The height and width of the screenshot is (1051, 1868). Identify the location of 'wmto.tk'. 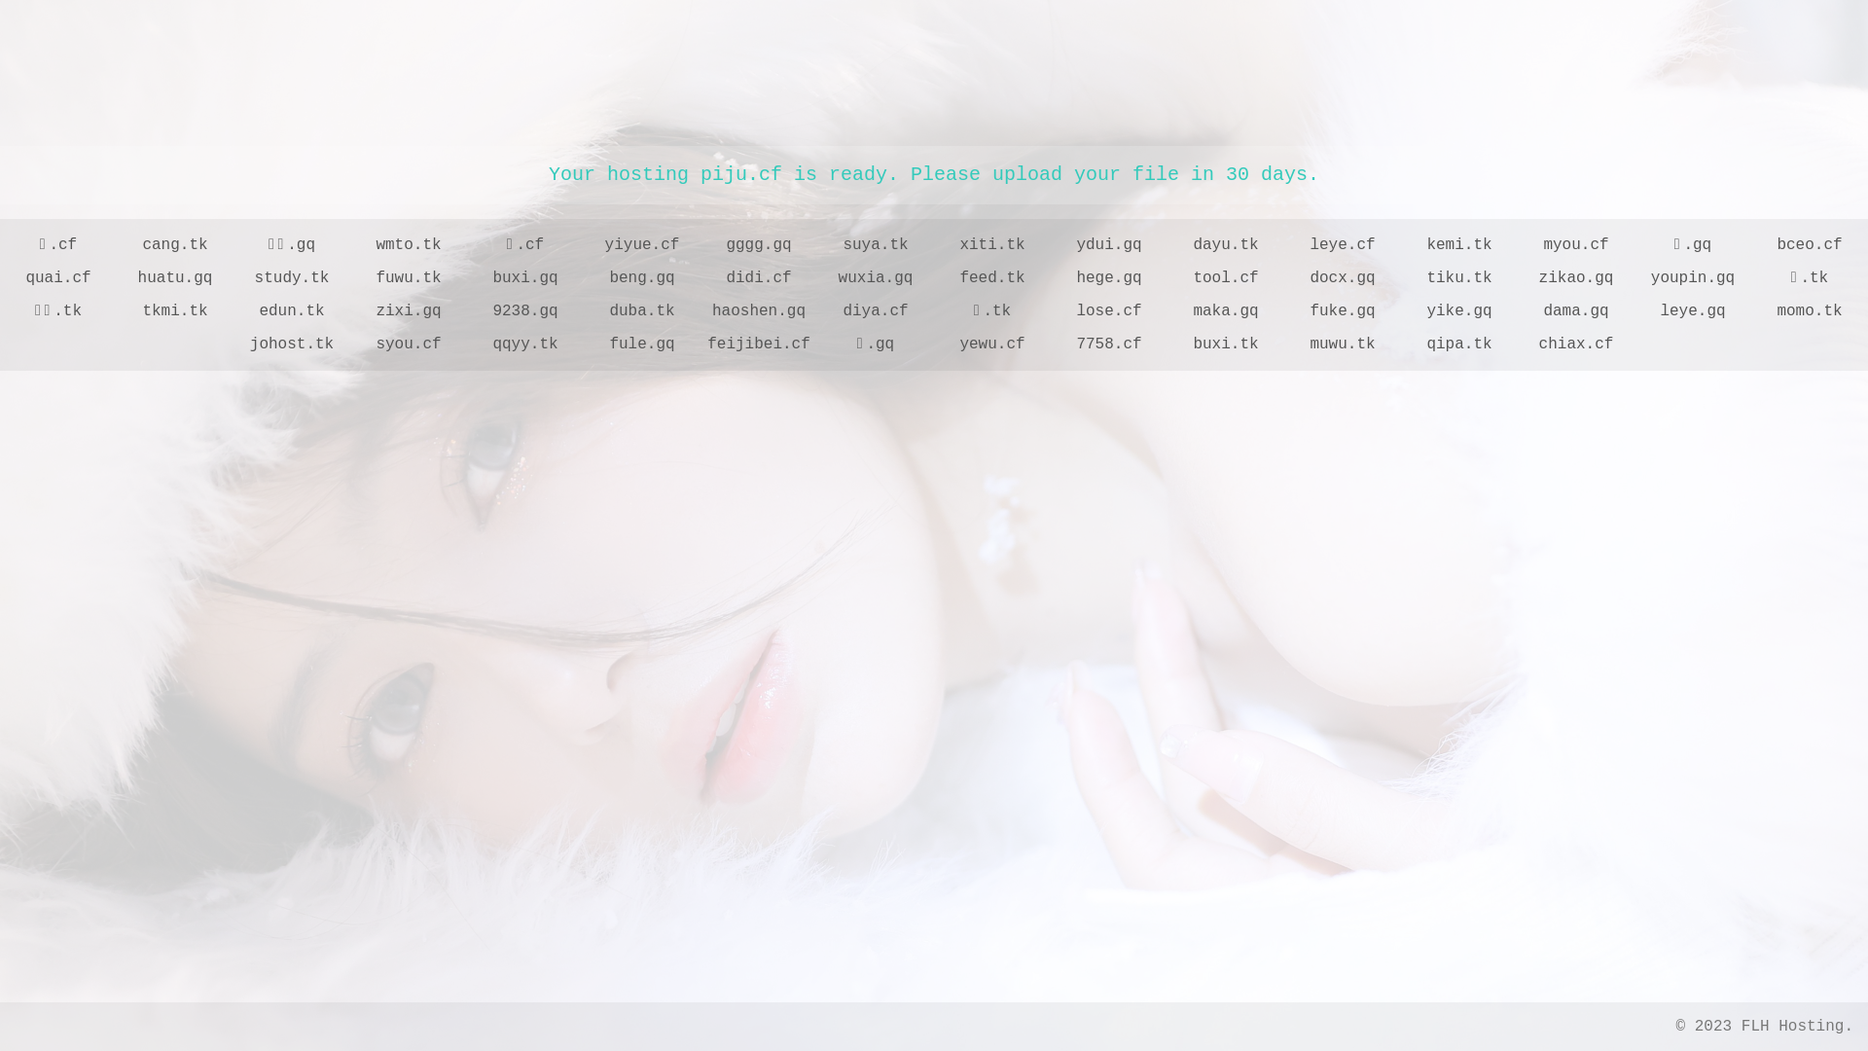
(350, 243).